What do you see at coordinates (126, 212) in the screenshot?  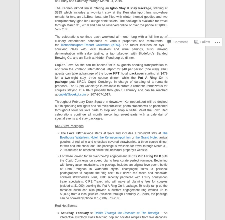 I see `'Drinks Through the Decades at The Burleigh'` at bounding box center [126, 212].